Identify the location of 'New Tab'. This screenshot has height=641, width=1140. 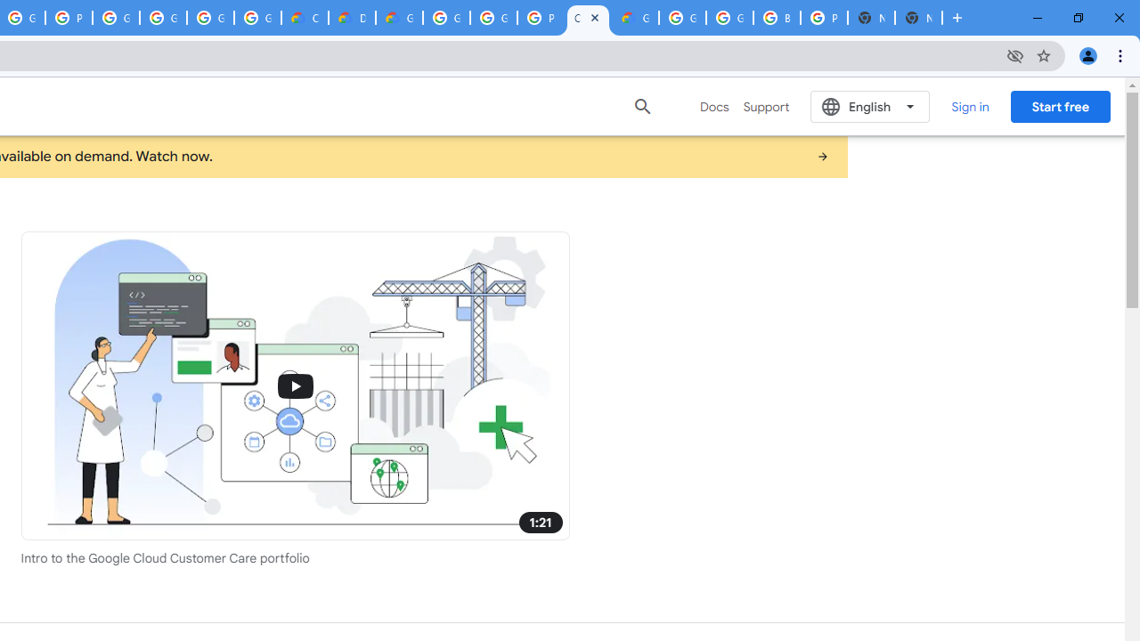
(918, 18).